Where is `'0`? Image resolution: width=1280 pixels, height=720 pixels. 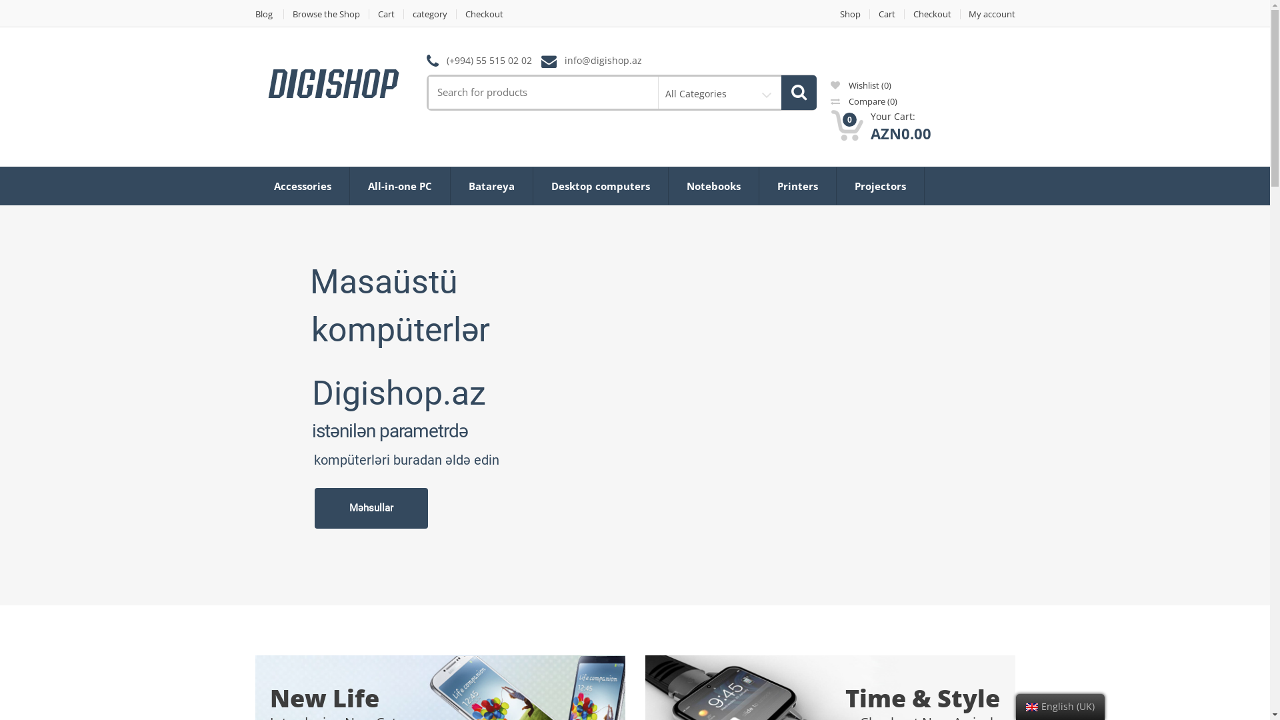
'0 is located at coordinates (830, 126).